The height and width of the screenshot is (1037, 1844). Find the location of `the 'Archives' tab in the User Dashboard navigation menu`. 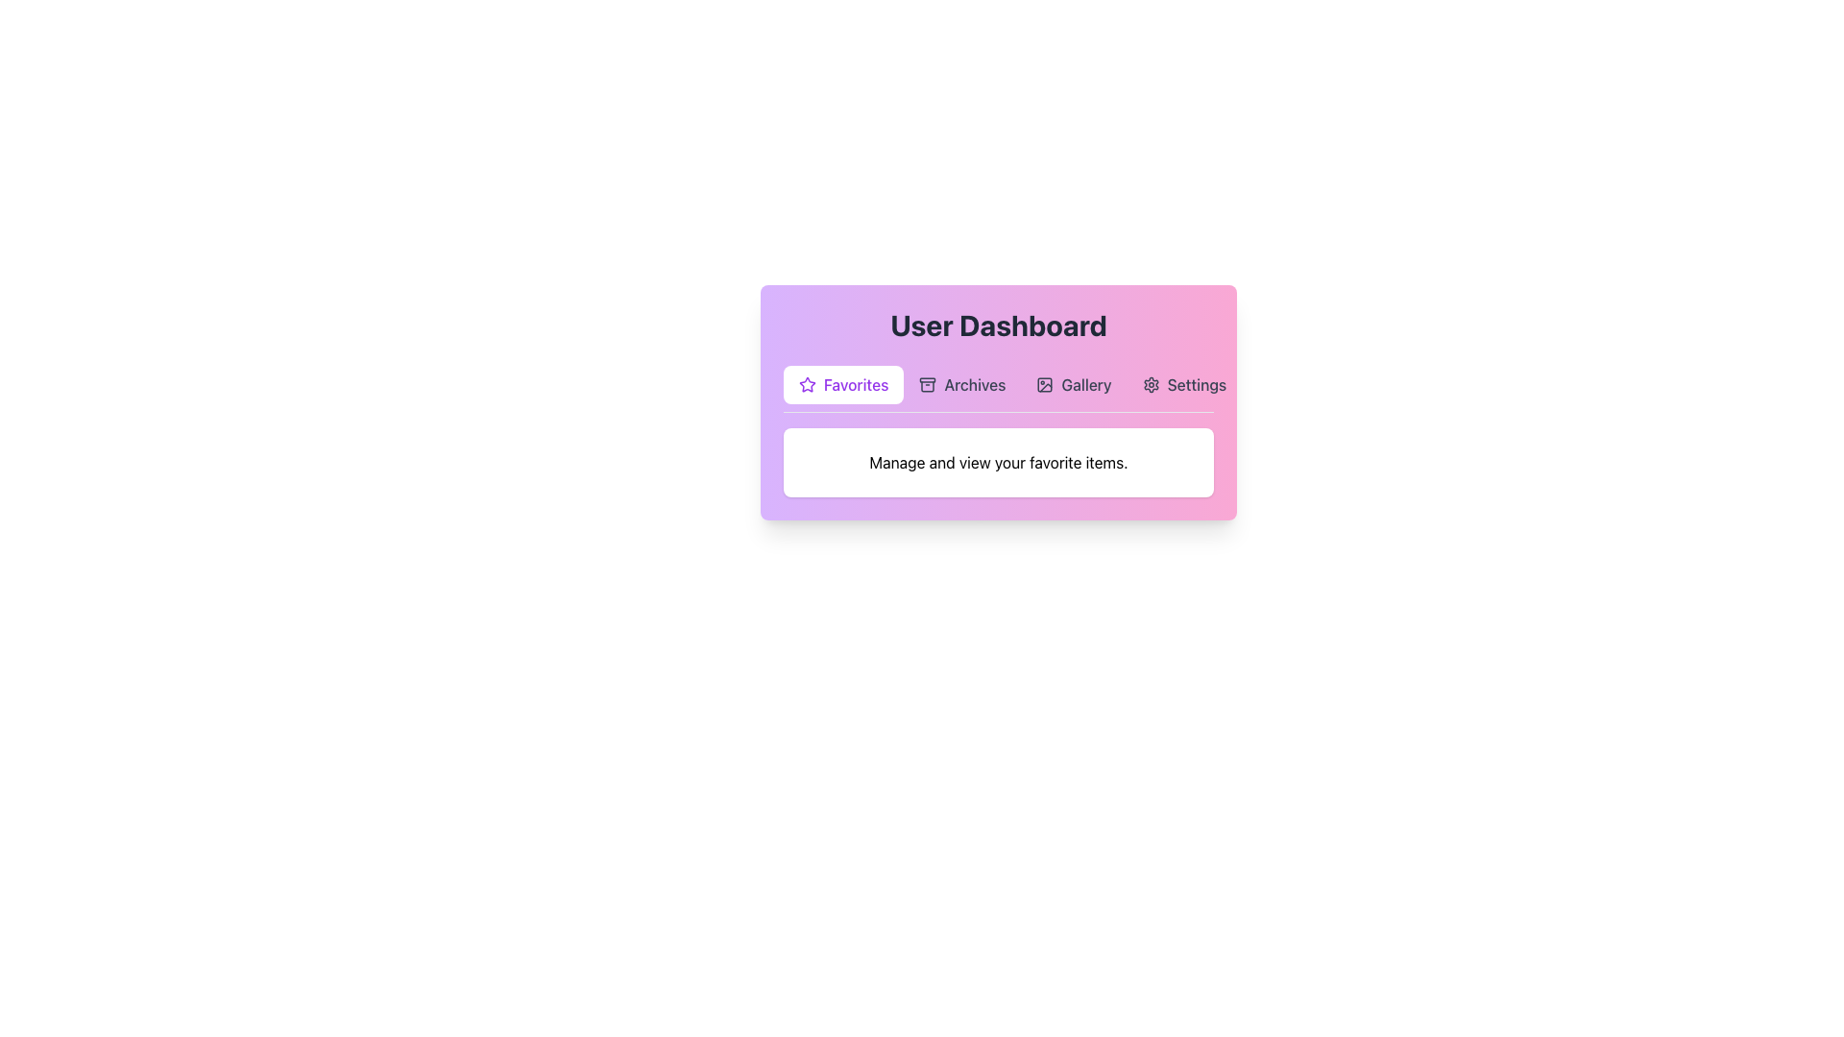

the 'Archives' tab in the User Dashboard navigation menu is located at coordinates (999, 389).